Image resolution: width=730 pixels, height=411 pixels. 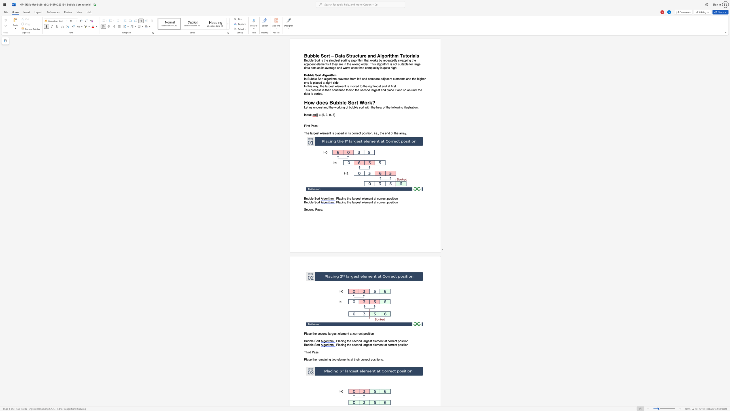 I want to click on the subset text "g the second largest element at" within the text "Placing the second largest element at correct position", so click(x=344, y=341).